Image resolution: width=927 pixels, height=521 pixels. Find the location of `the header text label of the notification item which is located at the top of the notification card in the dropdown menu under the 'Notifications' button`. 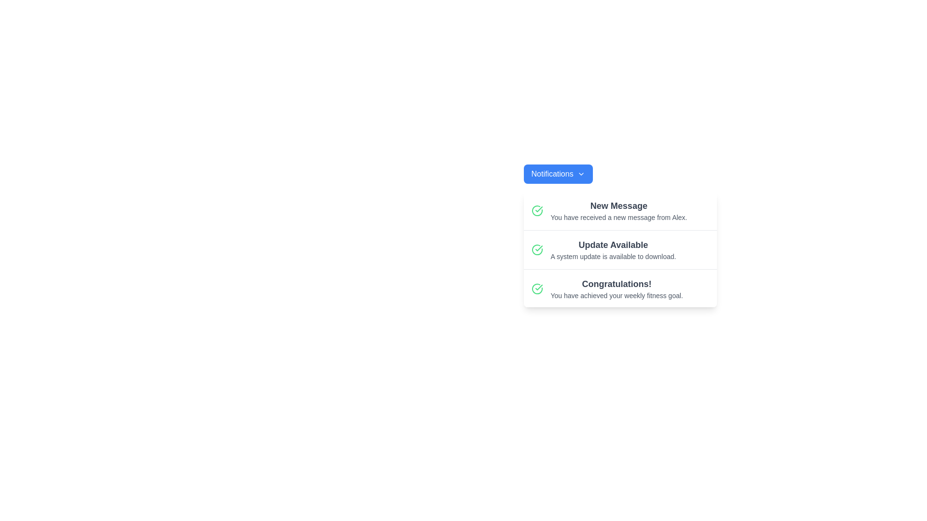

the header text label of the notification item which is located at the top of the notification card in the dropdown menu under the 'Notifications' button is located at coordinates (618, 206).